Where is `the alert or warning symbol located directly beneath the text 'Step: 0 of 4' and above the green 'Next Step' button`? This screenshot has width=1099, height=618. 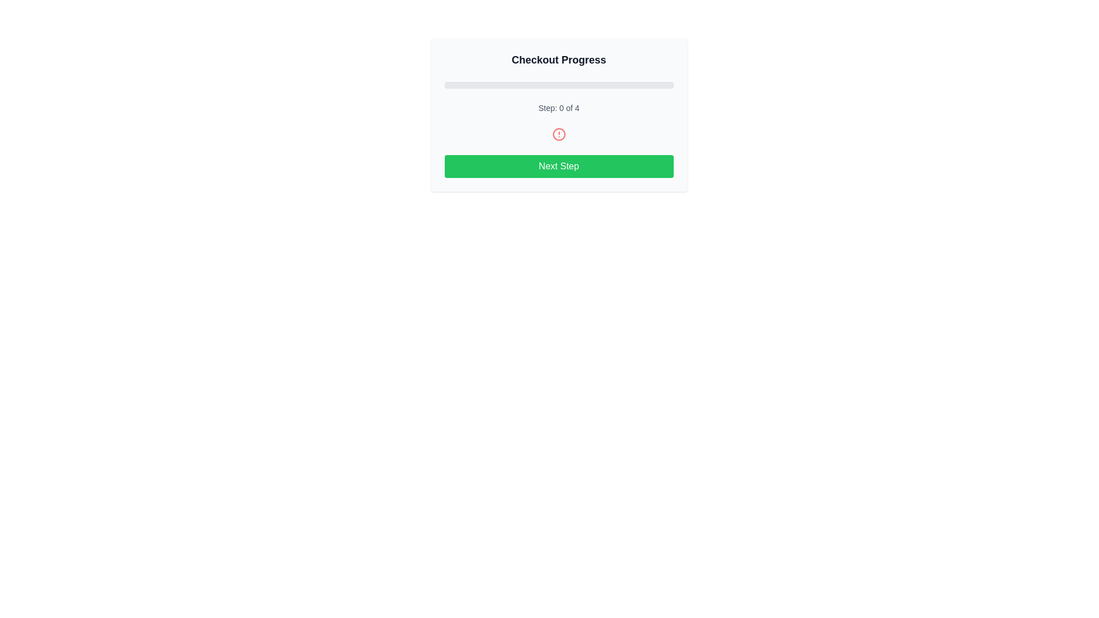 the alert or warning symbol located directly beneath the text 'Step: 0 of 4' and above the green 'Next Step' button is located at coordinates (559, 134).